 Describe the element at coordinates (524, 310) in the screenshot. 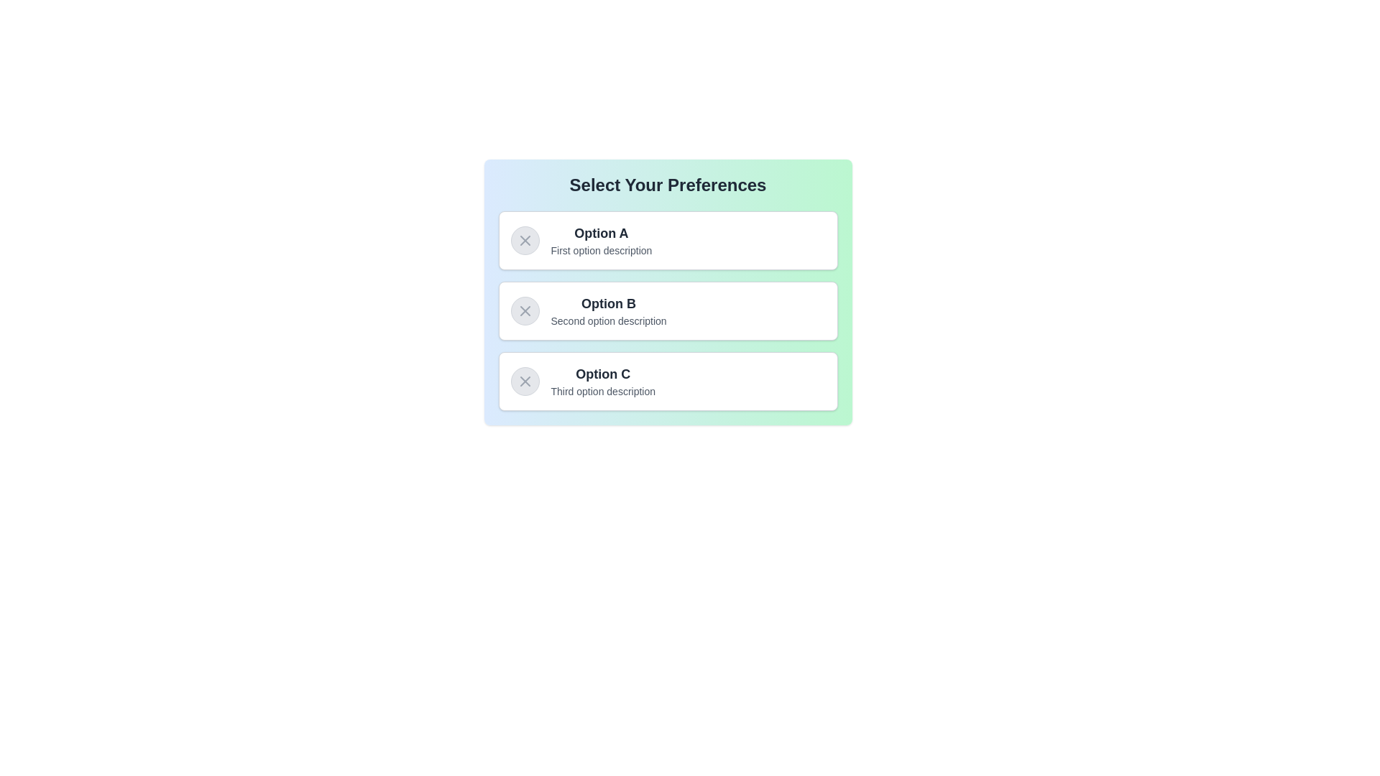

I see `the circular button containing a gray 'X' icon located to the left of the 'Option B' text label in the second row of the card interface` at that location.